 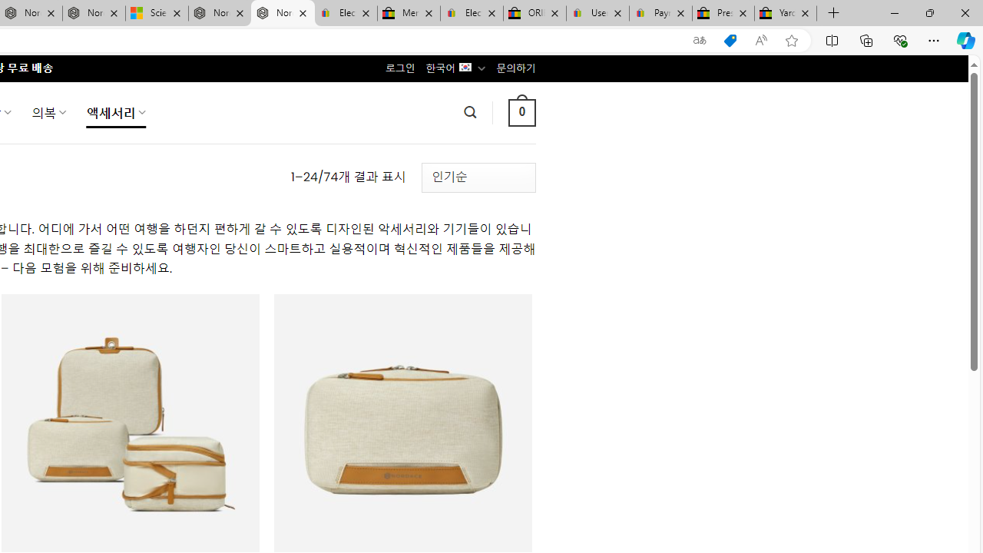 What do you see at coordinates (786, 13) in the screenshot?
I see `'Yard, Garden & Outdoor Living'` at bounding box center [786, 13].